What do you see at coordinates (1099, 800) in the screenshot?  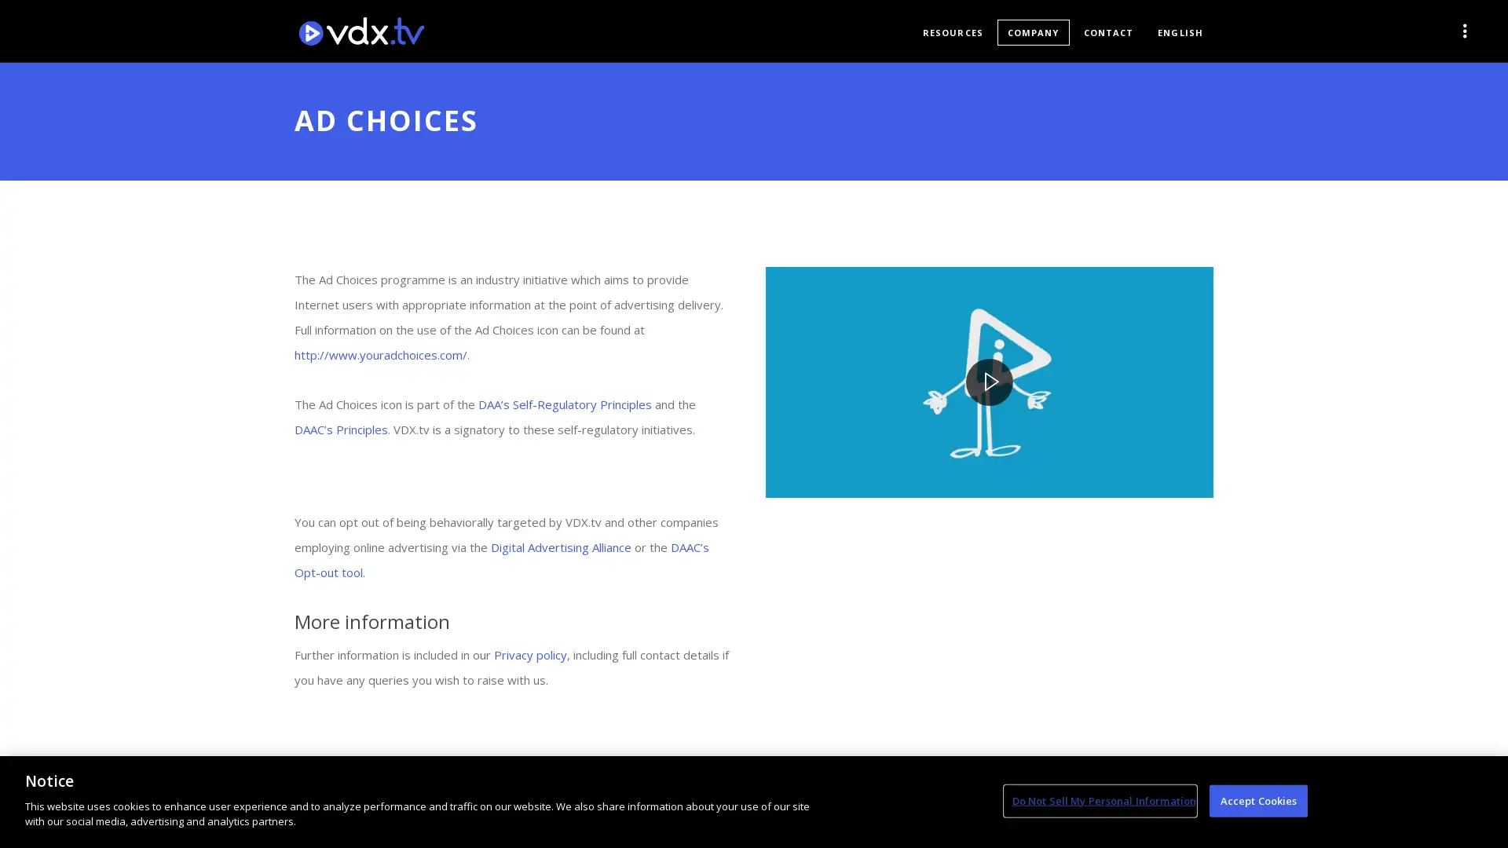 I see `Do Not Sell My Personal Information` at bounding box center [1099, 800].